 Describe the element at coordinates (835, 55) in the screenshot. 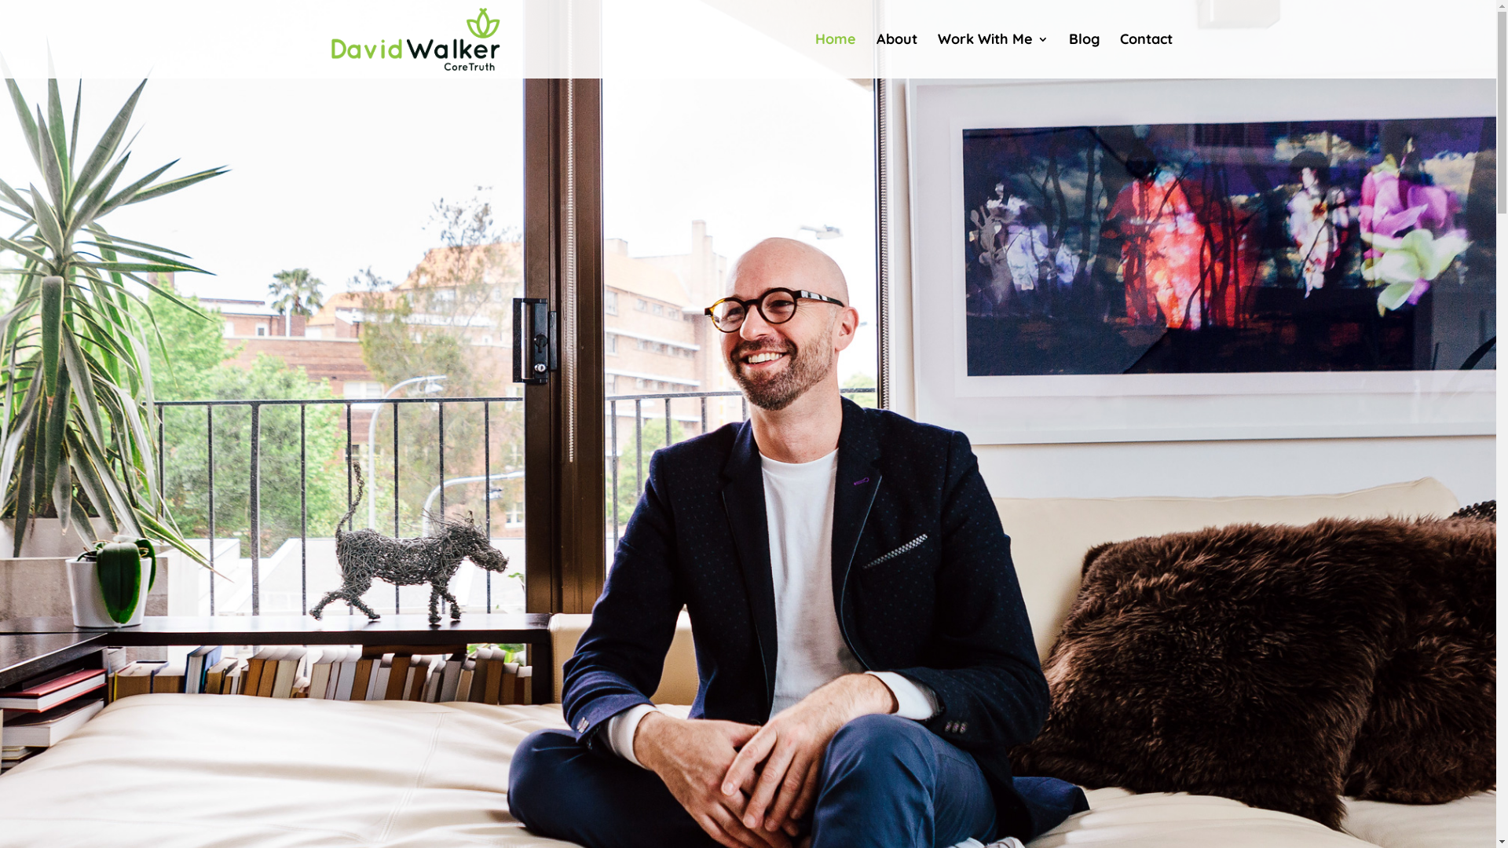

I see `'Home'` at that location.